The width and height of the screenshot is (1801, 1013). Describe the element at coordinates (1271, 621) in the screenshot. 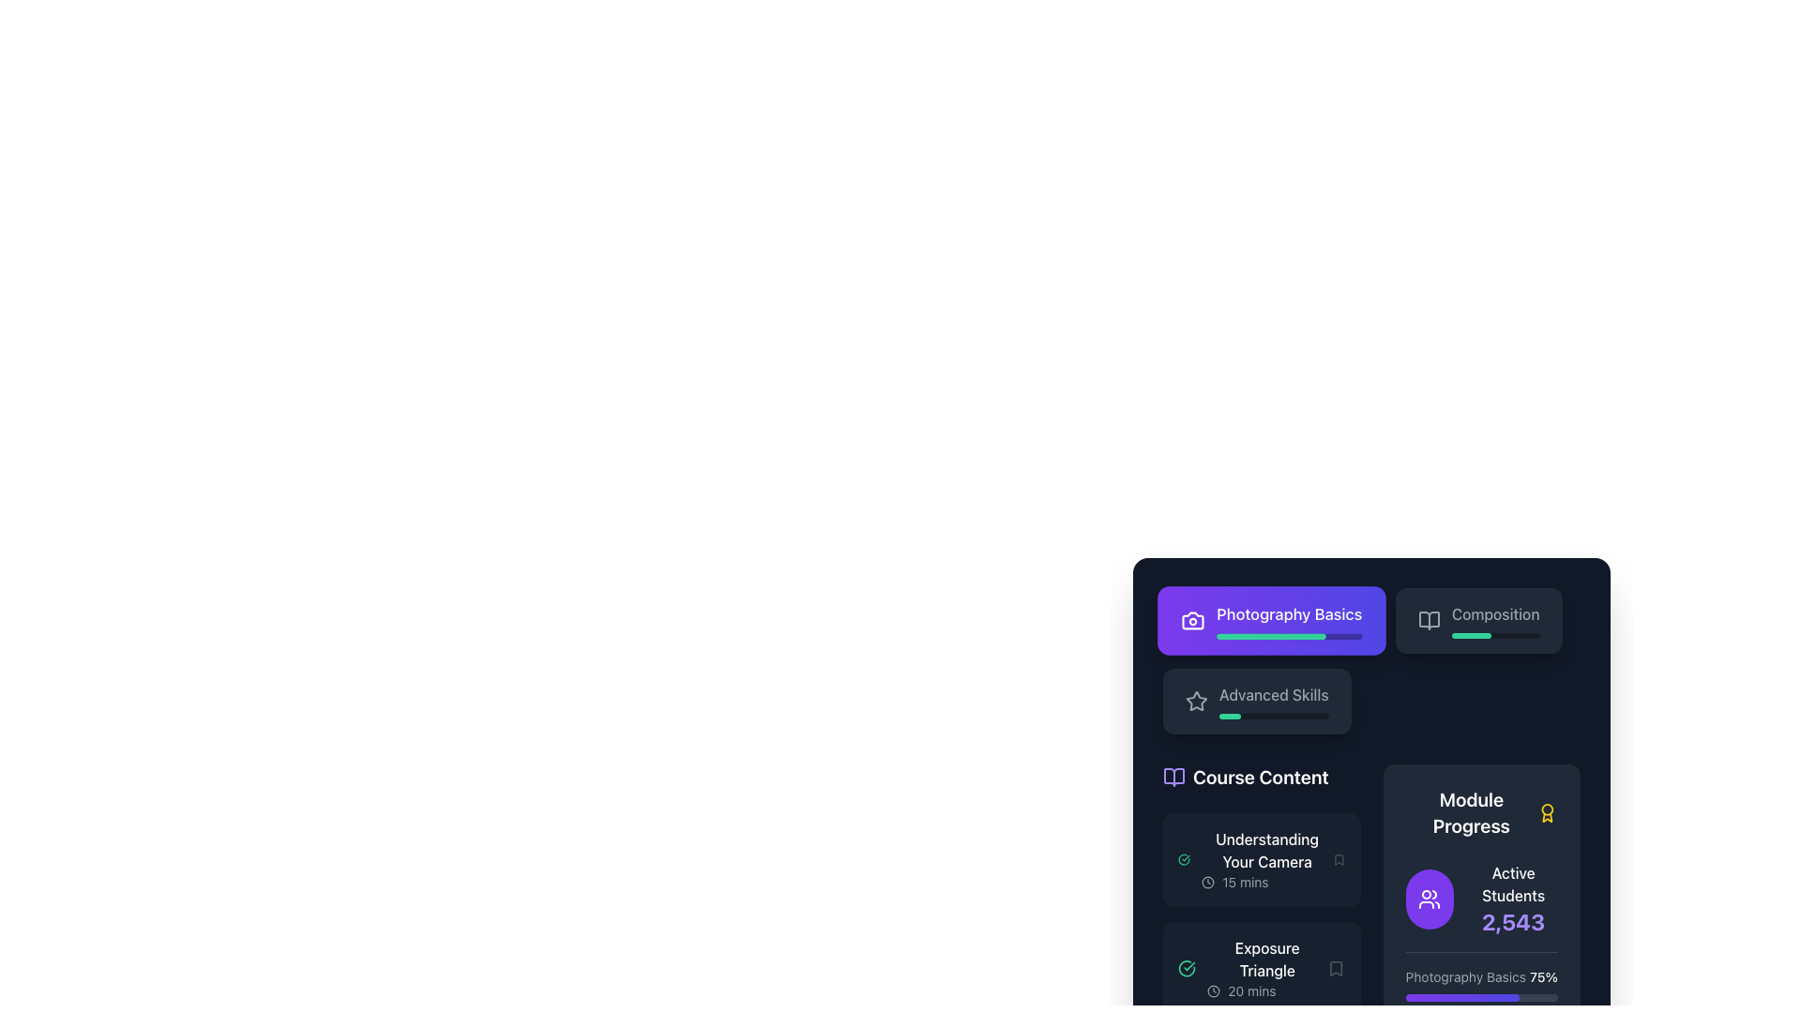

I see `the leftmost button labeled 'Photography Basics' in the row of buttons, which is positioned slightly right of center in the upper section of the interface` at that location.